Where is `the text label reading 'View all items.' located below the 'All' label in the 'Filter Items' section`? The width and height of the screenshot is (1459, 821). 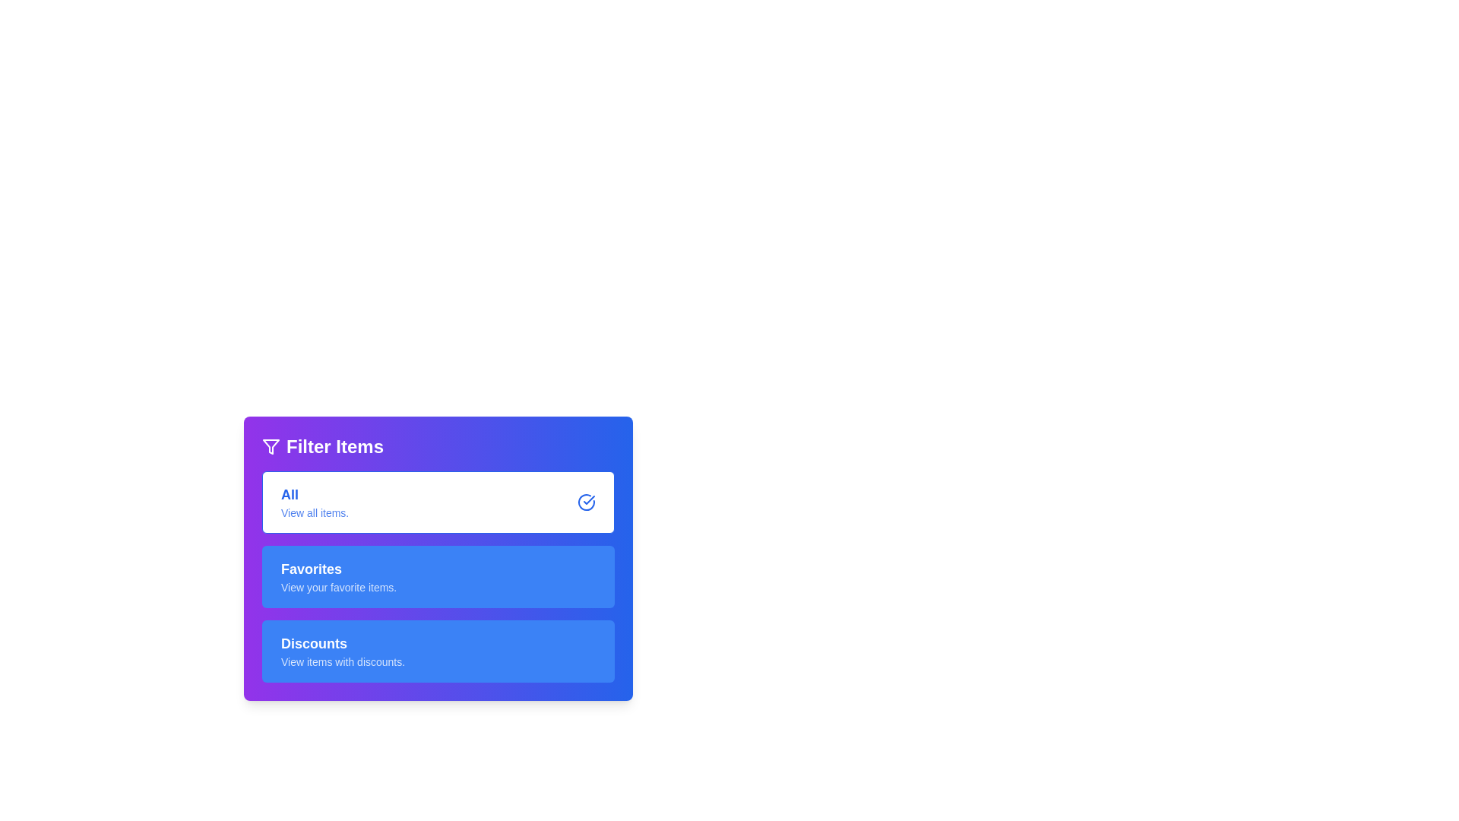
the text label reading 'View all items.' located below the 'All' label in the 'Filter Items' section is located at coordinates (314, 513).